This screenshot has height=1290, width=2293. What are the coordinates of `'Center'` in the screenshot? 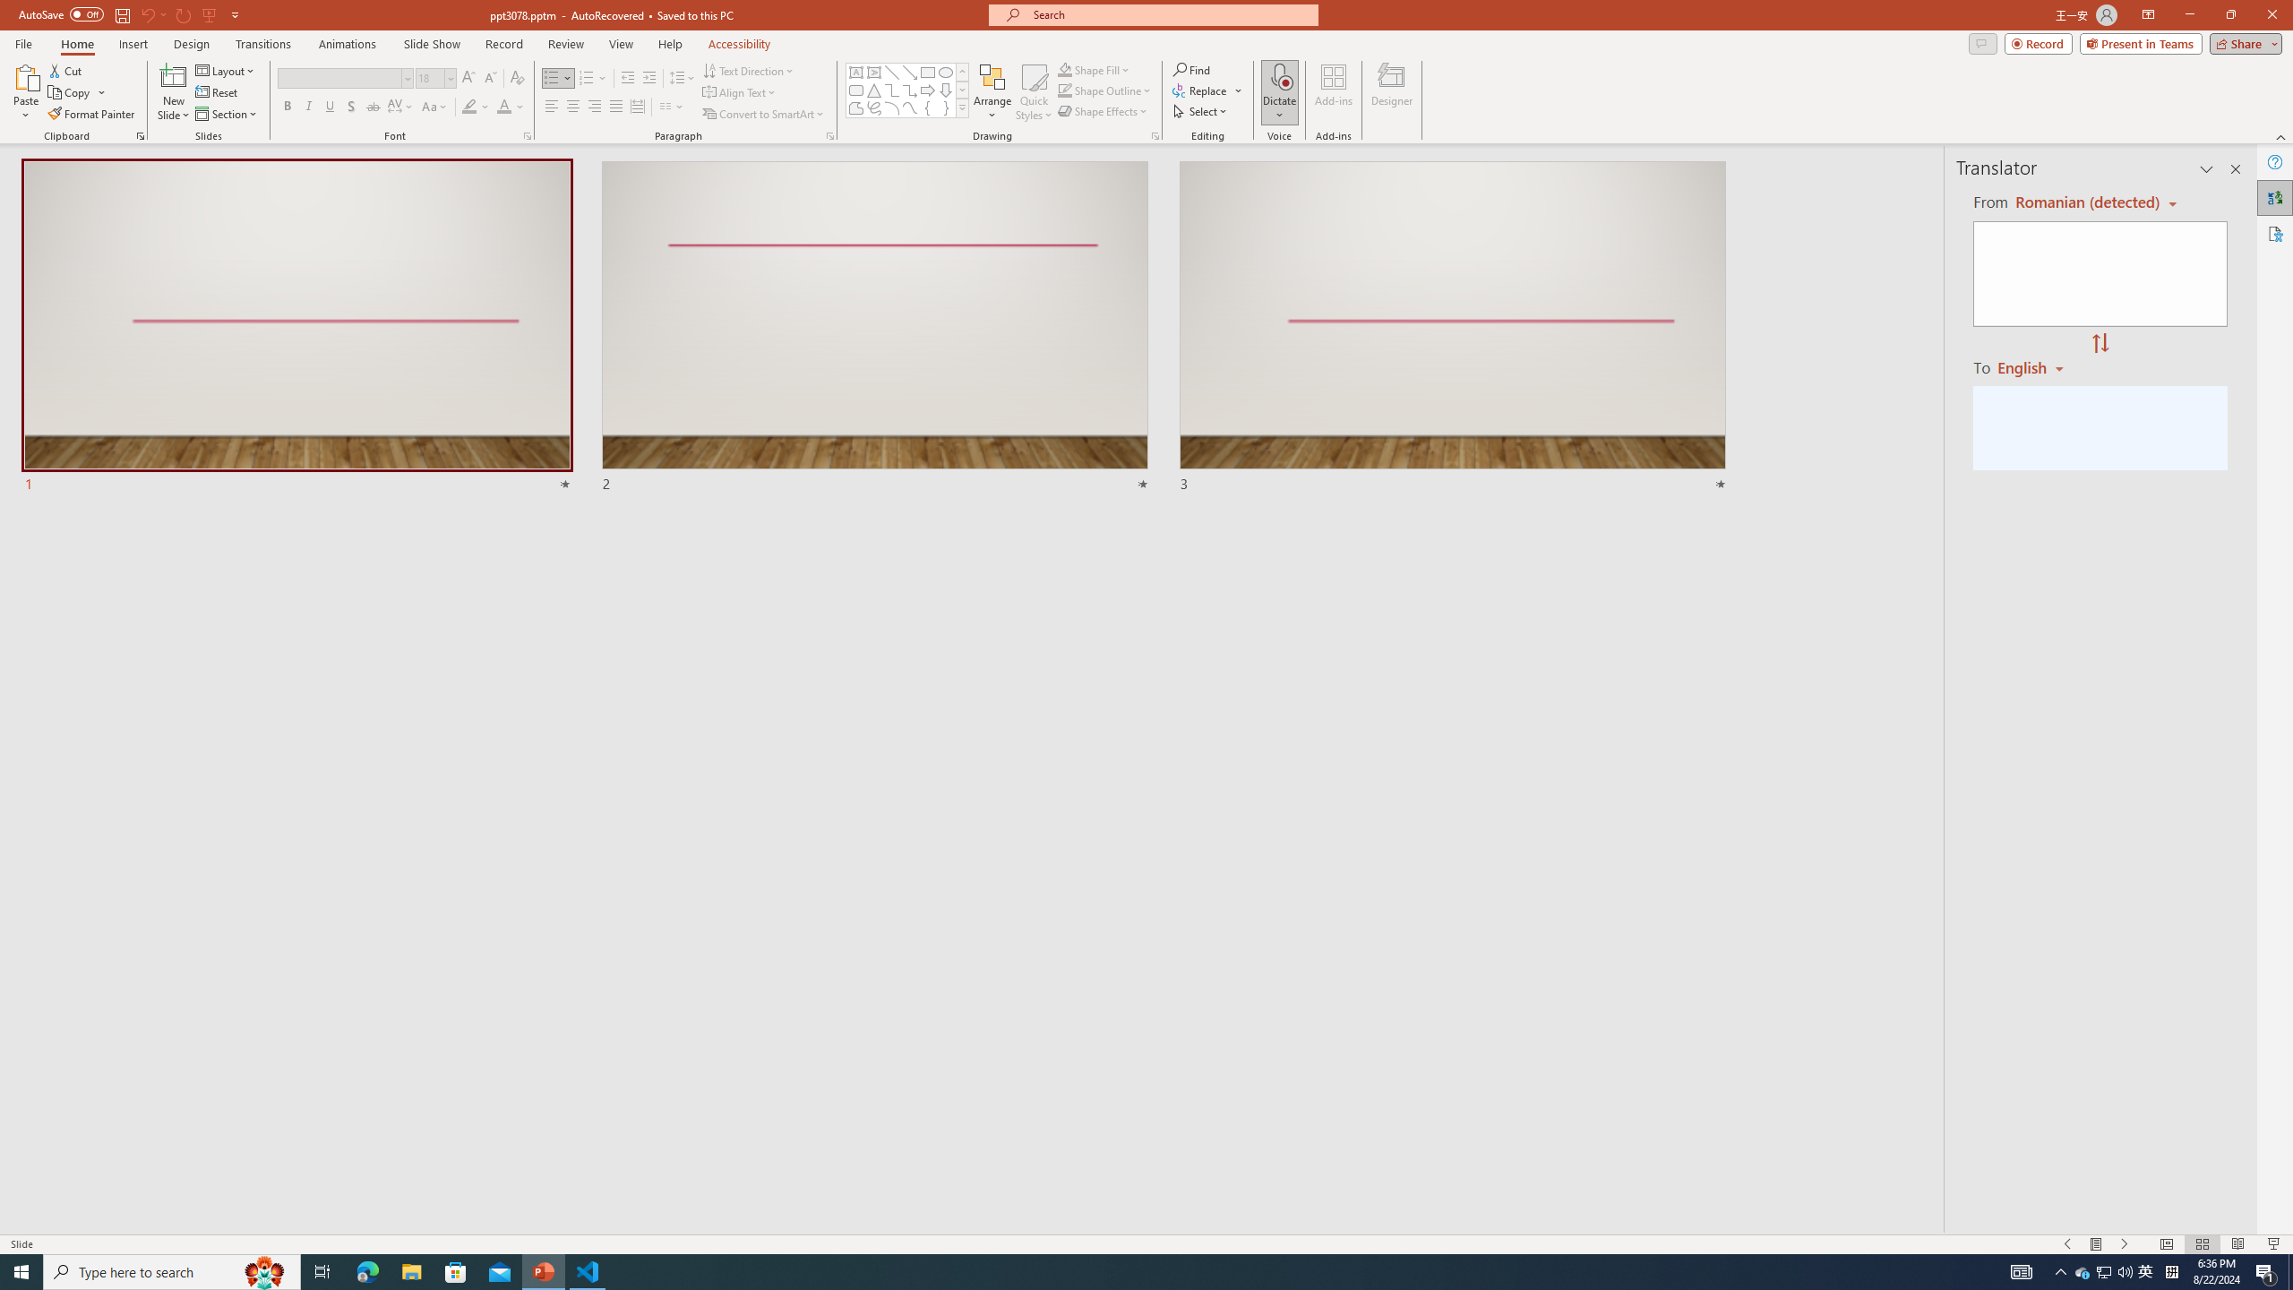 It's located at (573, 106).